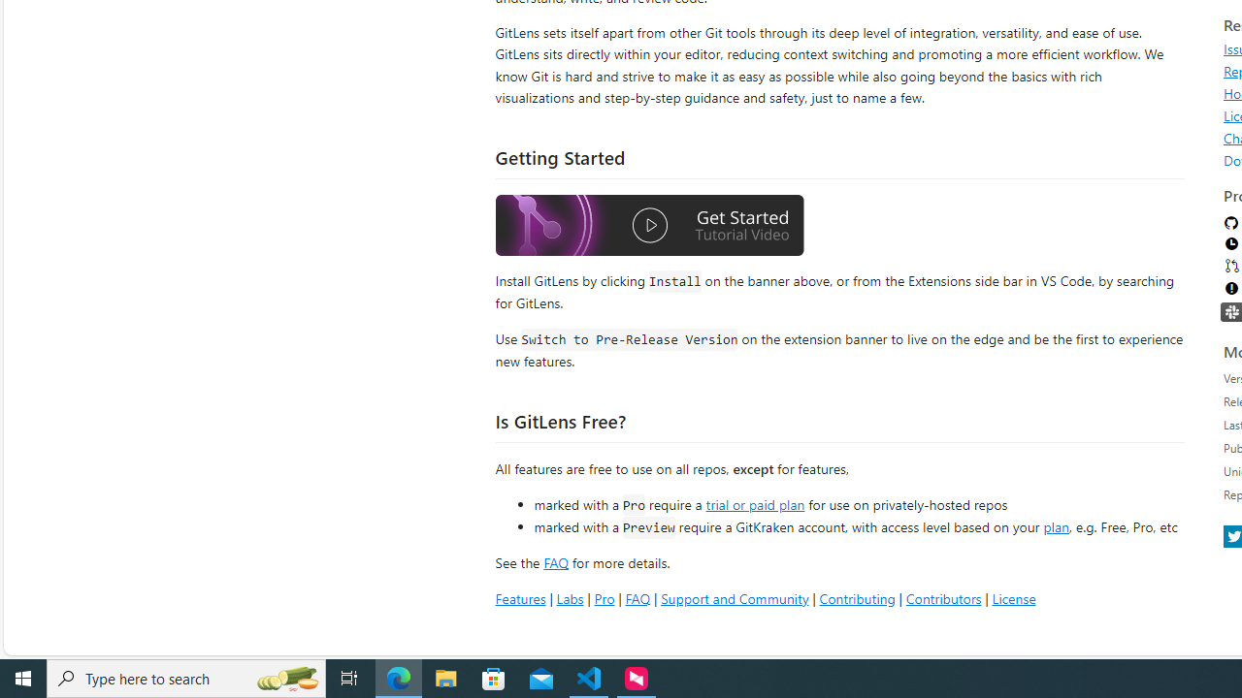 This screenshot has height=698, width=1242. Describe the element at coordinates (649, 227) in the screenshot. I see `'Watch the GitLens Getting Started video'` at that location.